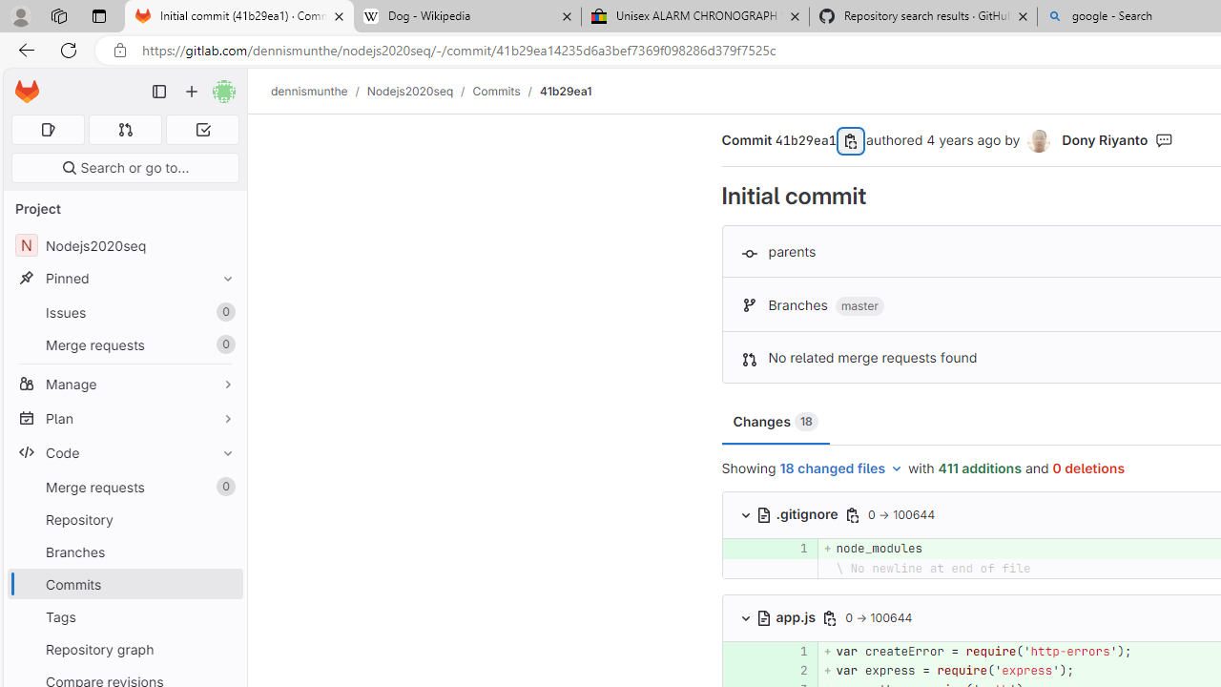  Describe the element at coordinates (830, 617) in the screenshot. I see `'Copy file path'` at that location.